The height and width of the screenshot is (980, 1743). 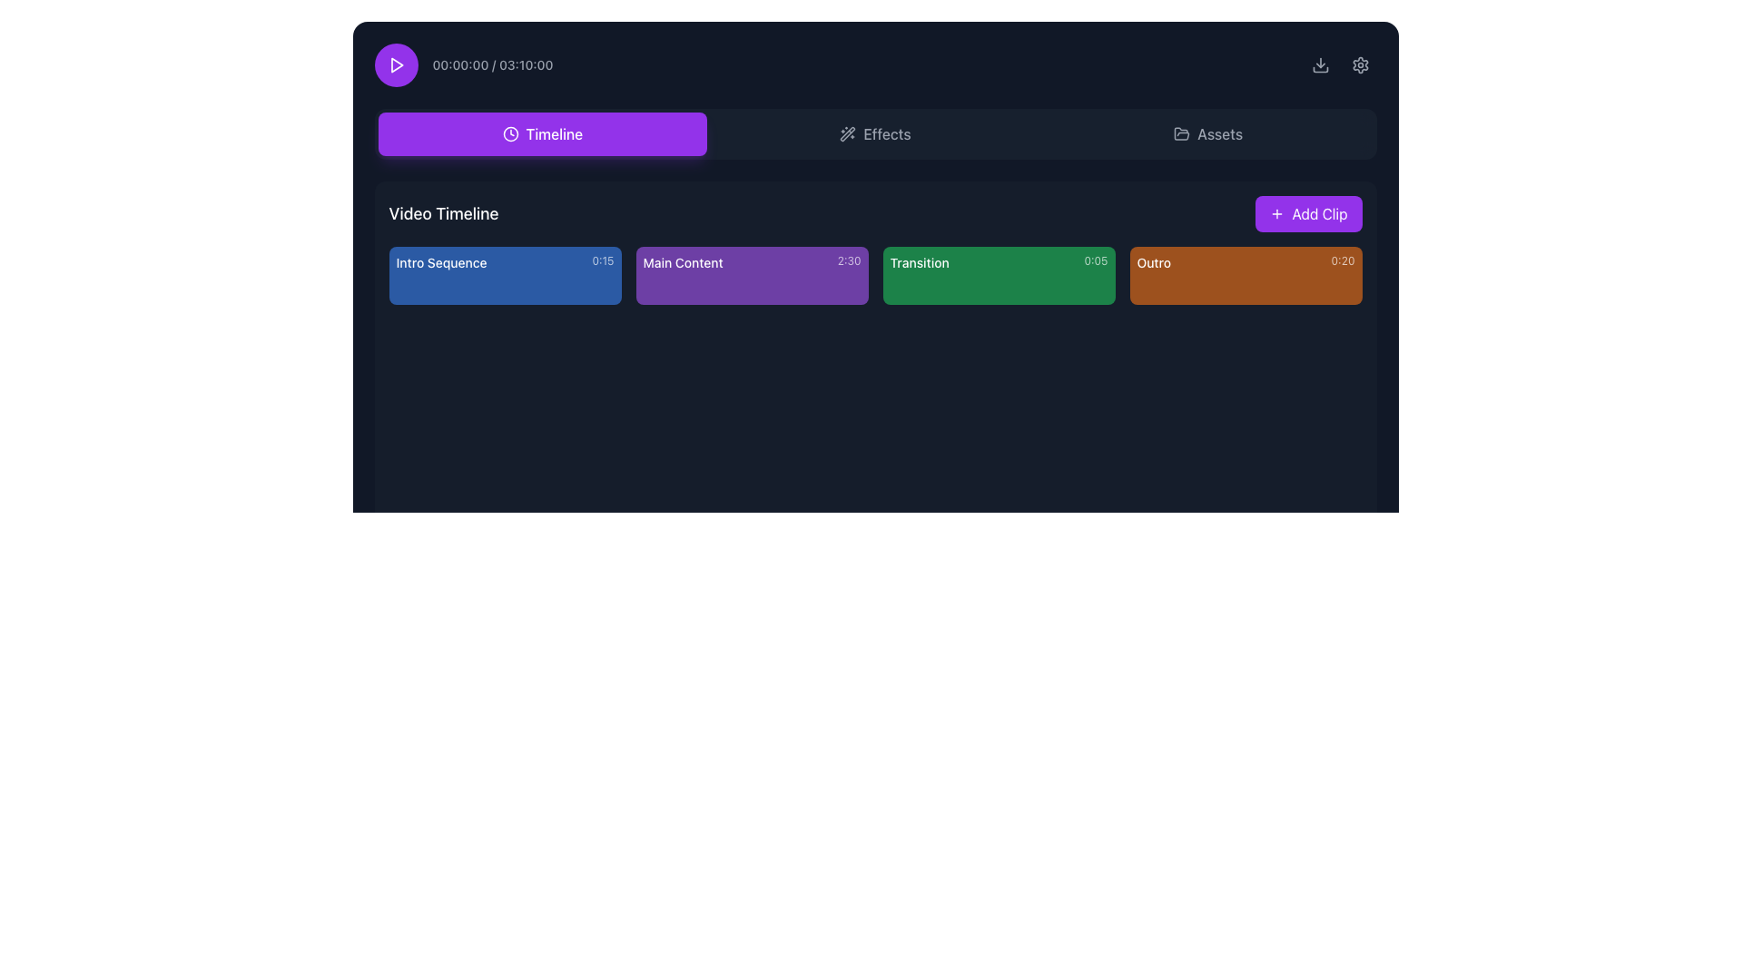 What do you see at coordinates (1360, 64) in the screenshot?
I see `the gear icon in the upper-right corner of the interface` at bounding box center [1360, 64].